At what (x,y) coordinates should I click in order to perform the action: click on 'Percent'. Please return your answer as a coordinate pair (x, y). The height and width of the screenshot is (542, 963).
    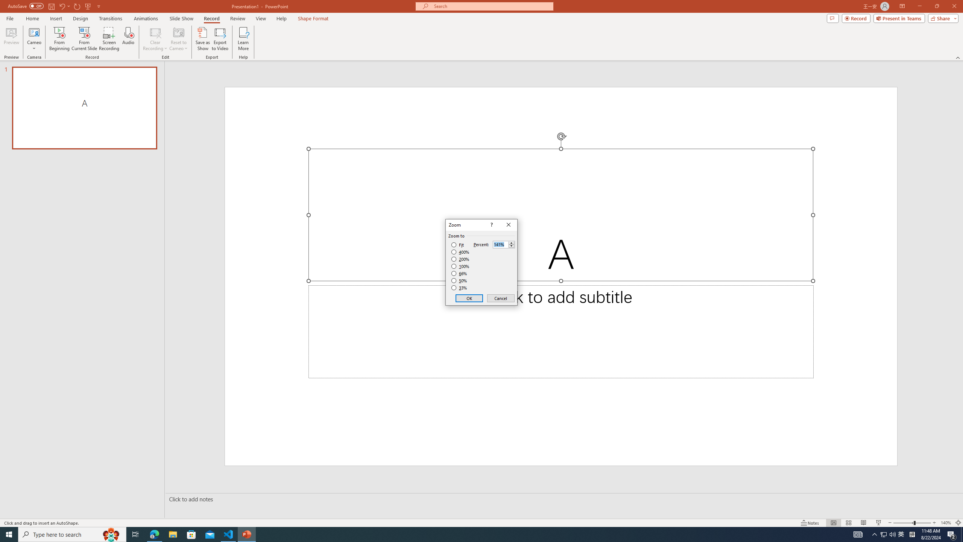
    Looking at the image, I should click on (504, 244).